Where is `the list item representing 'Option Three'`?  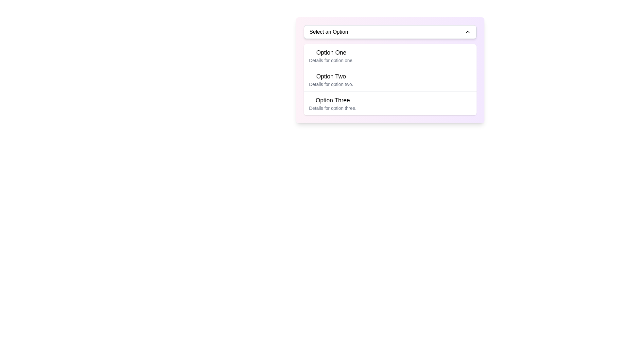 the list item representing 'Option Three' is located at coordinates (333, 103).